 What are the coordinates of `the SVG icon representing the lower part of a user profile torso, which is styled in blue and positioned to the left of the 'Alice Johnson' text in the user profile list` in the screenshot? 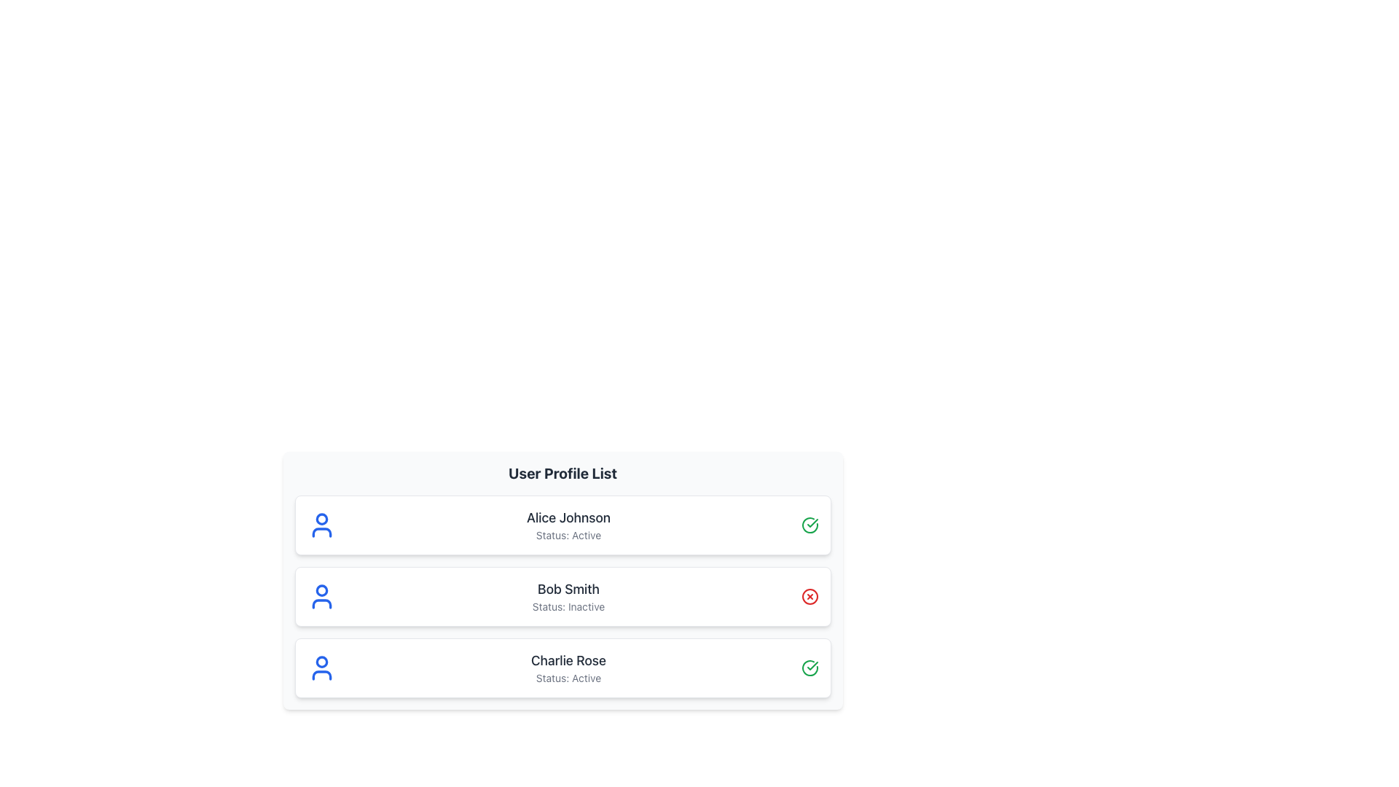 It's located at (321, 533).